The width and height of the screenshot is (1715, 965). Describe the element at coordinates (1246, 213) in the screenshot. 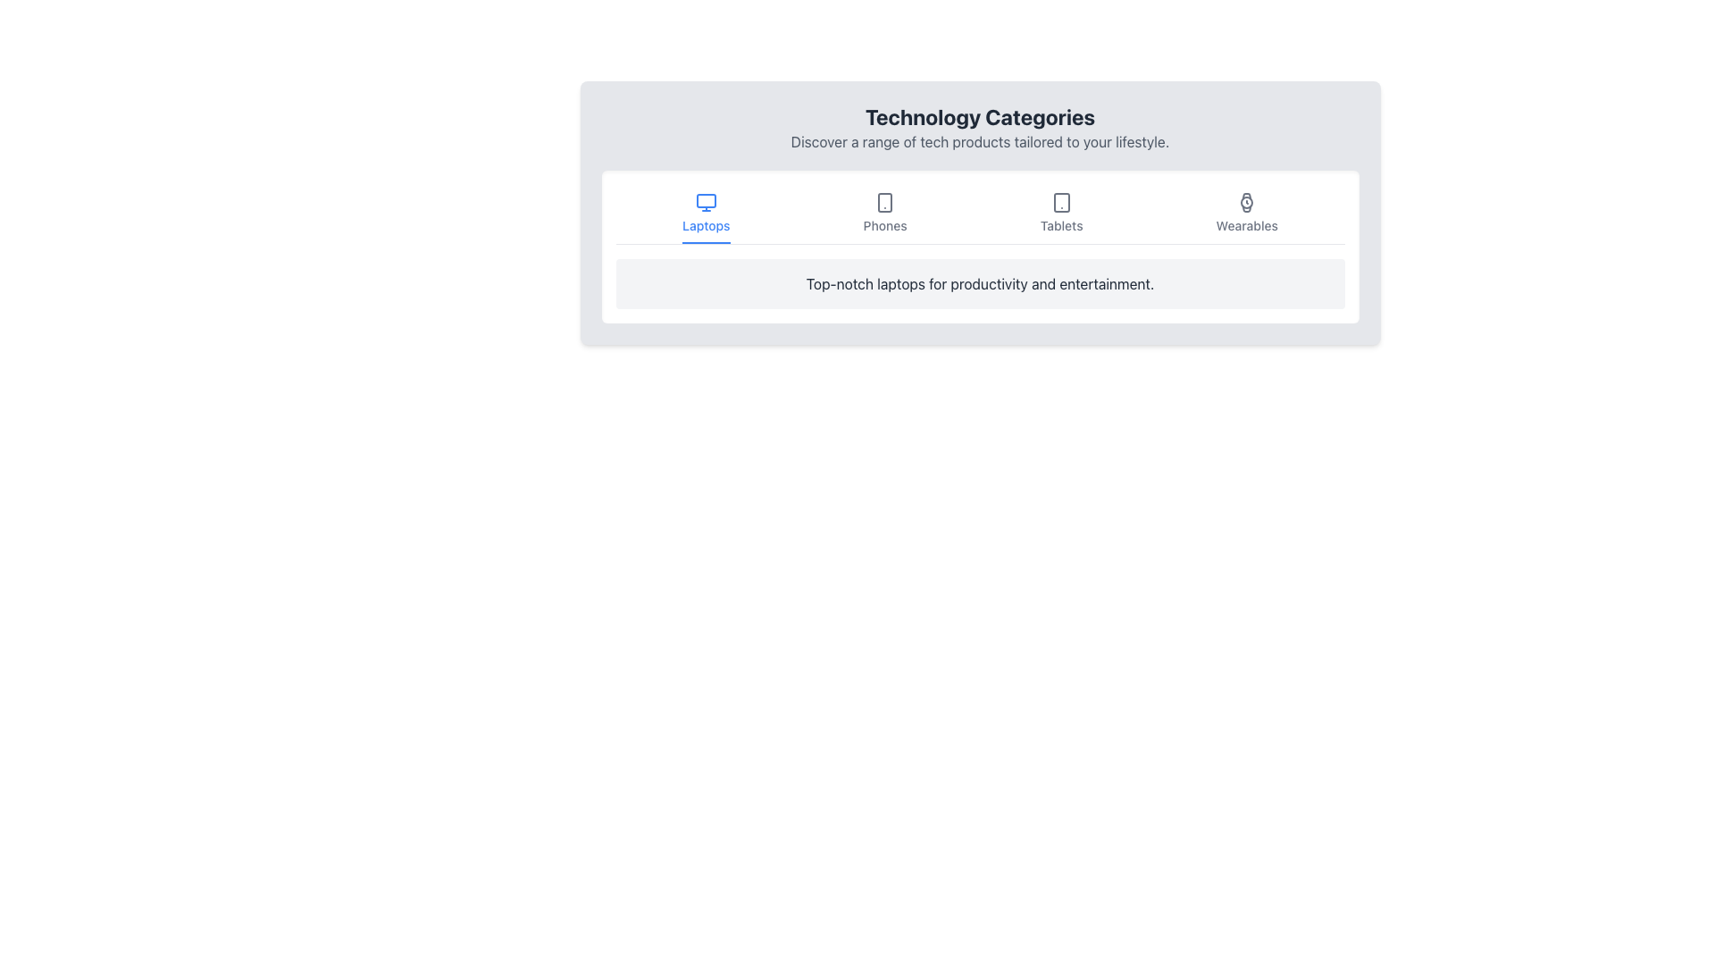

I see `the 'Wearables' button, which features a watch icon and a label styled in medium font size` at that location.